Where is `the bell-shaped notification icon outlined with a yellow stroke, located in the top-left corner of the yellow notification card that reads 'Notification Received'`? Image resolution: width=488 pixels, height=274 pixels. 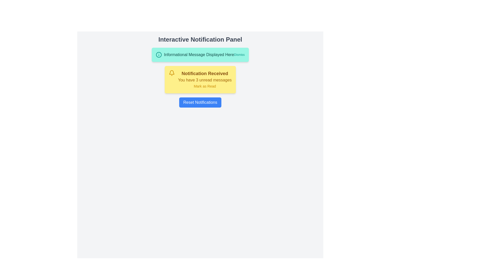
the bell-shaped notification icon outlined with a yellow stroke, located in the top-left corner of the yellow notification card that reads 'Notification Received' is located at coordinates (172, 73).